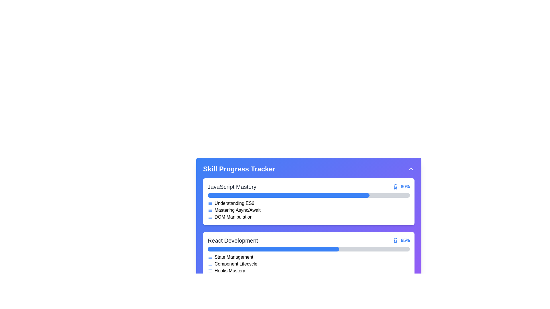  What do you see at coordinates (210, 217) in the screenshot?
I see `the blue bulleted list icon located to the immediate left of the 'DOM Manipulation' text in the 'JavaScript Mastery' section of the 'Skill Progress Tracker'` at bounding box center [210, 217].